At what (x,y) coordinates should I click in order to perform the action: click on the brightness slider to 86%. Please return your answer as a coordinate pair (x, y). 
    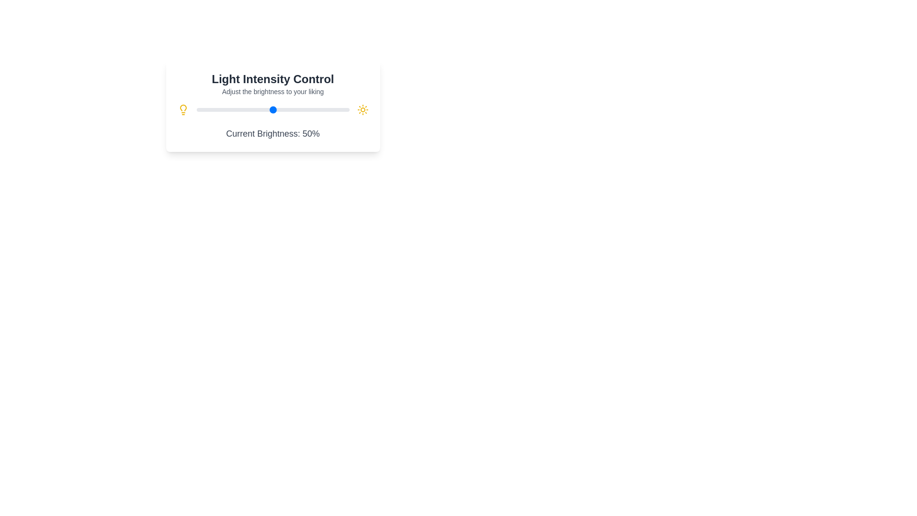
    Looking at the image, I should click on (328, 109).